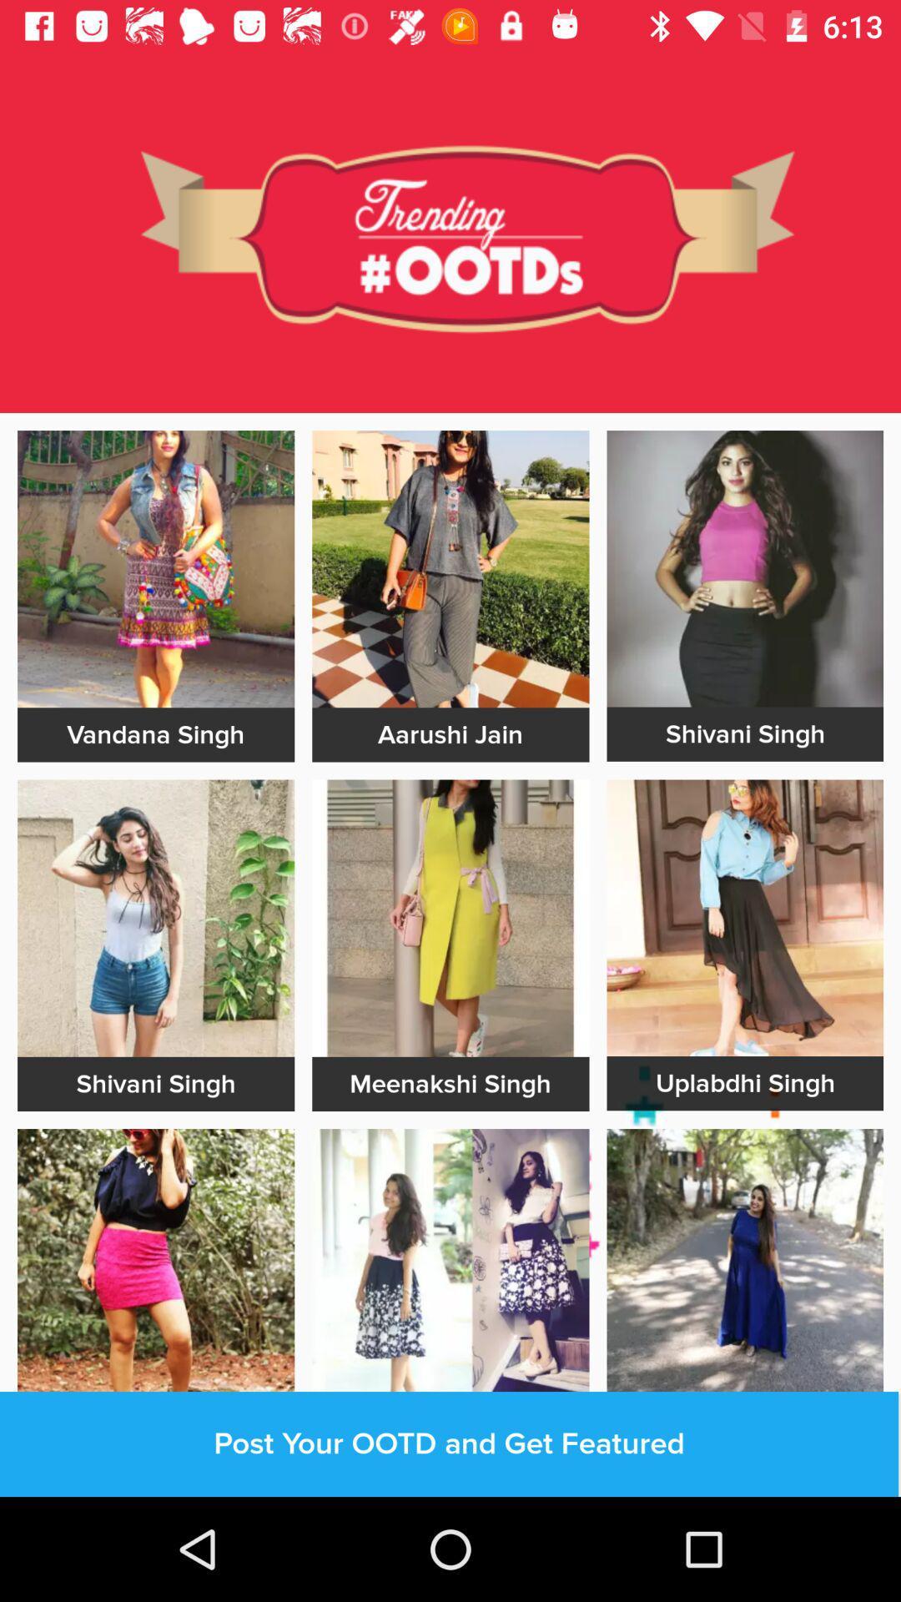 The image size is (901, 1602). What do you see at coordinates (450, 568) in the screenshot?
I see `the image with the text arushi jain` at bounding box center [450, 568].